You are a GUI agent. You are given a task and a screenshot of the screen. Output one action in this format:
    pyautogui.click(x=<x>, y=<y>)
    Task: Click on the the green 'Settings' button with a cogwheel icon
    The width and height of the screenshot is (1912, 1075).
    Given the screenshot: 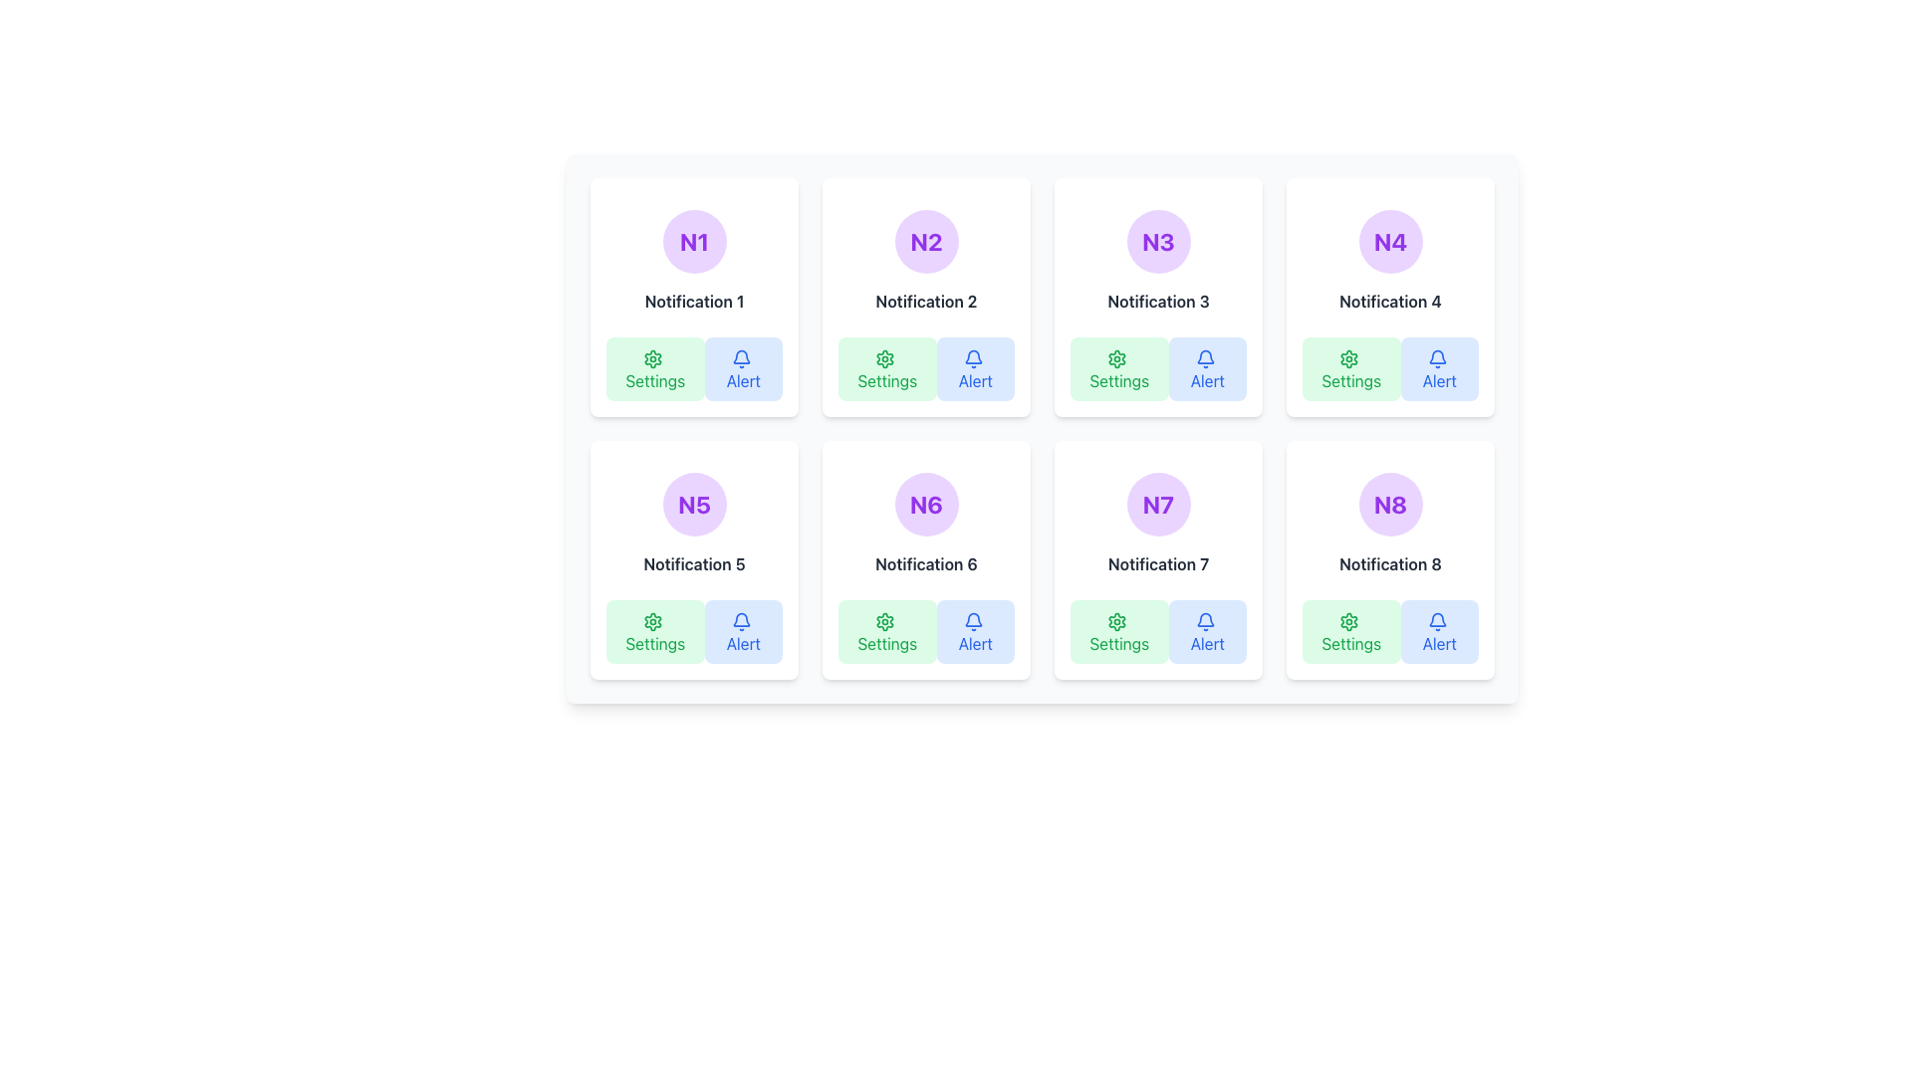 What is the action you would take?
    pyautogui.click(x=886, y=632)
    